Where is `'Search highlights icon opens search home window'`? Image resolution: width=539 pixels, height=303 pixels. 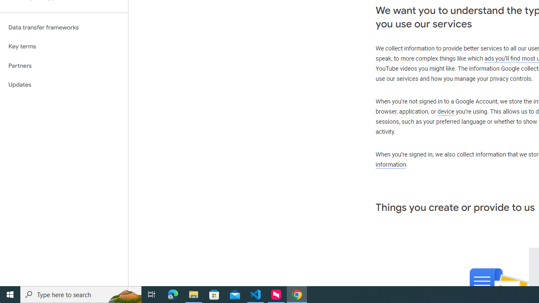 'Search highlights icon opens search home window' is located at coordinates (124, 294).